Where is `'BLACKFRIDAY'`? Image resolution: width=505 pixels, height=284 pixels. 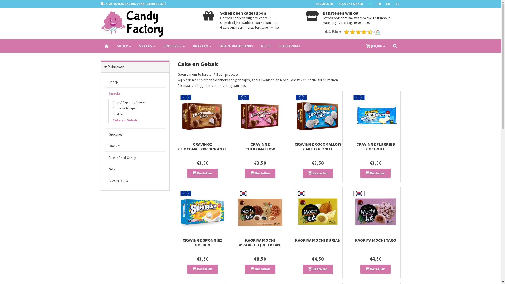 'BLACKFRIDAY' is located at coordinates (135, 180).